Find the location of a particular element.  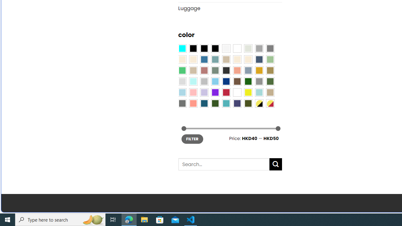

'Ash Gray' is located at coordinates (247, 48).